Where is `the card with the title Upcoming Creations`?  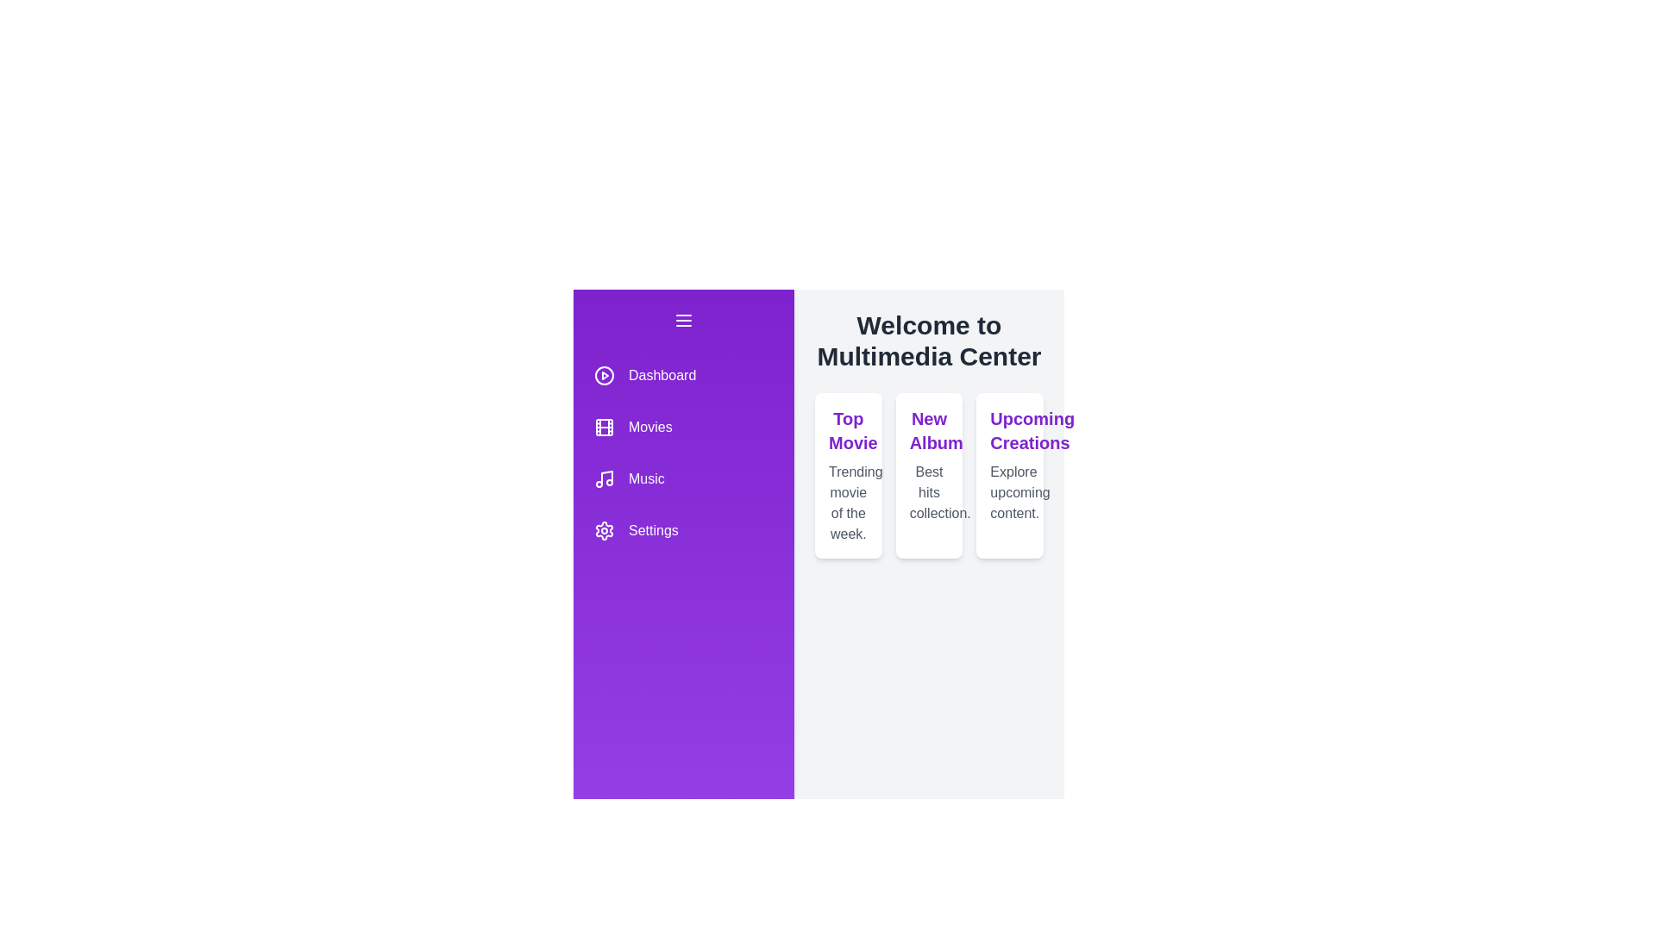
the card with the title Upcoming Creations is located at coordinates (1010, 475).